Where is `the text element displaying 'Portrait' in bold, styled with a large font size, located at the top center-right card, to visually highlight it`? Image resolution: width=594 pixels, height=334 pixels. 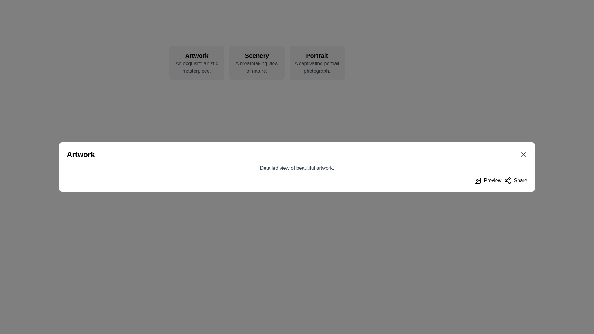 the text element displaying 'Portrait' in bold, styled with a large font size, located at the top center-right card, to visually highlight it is located at coordinates (317, 56).